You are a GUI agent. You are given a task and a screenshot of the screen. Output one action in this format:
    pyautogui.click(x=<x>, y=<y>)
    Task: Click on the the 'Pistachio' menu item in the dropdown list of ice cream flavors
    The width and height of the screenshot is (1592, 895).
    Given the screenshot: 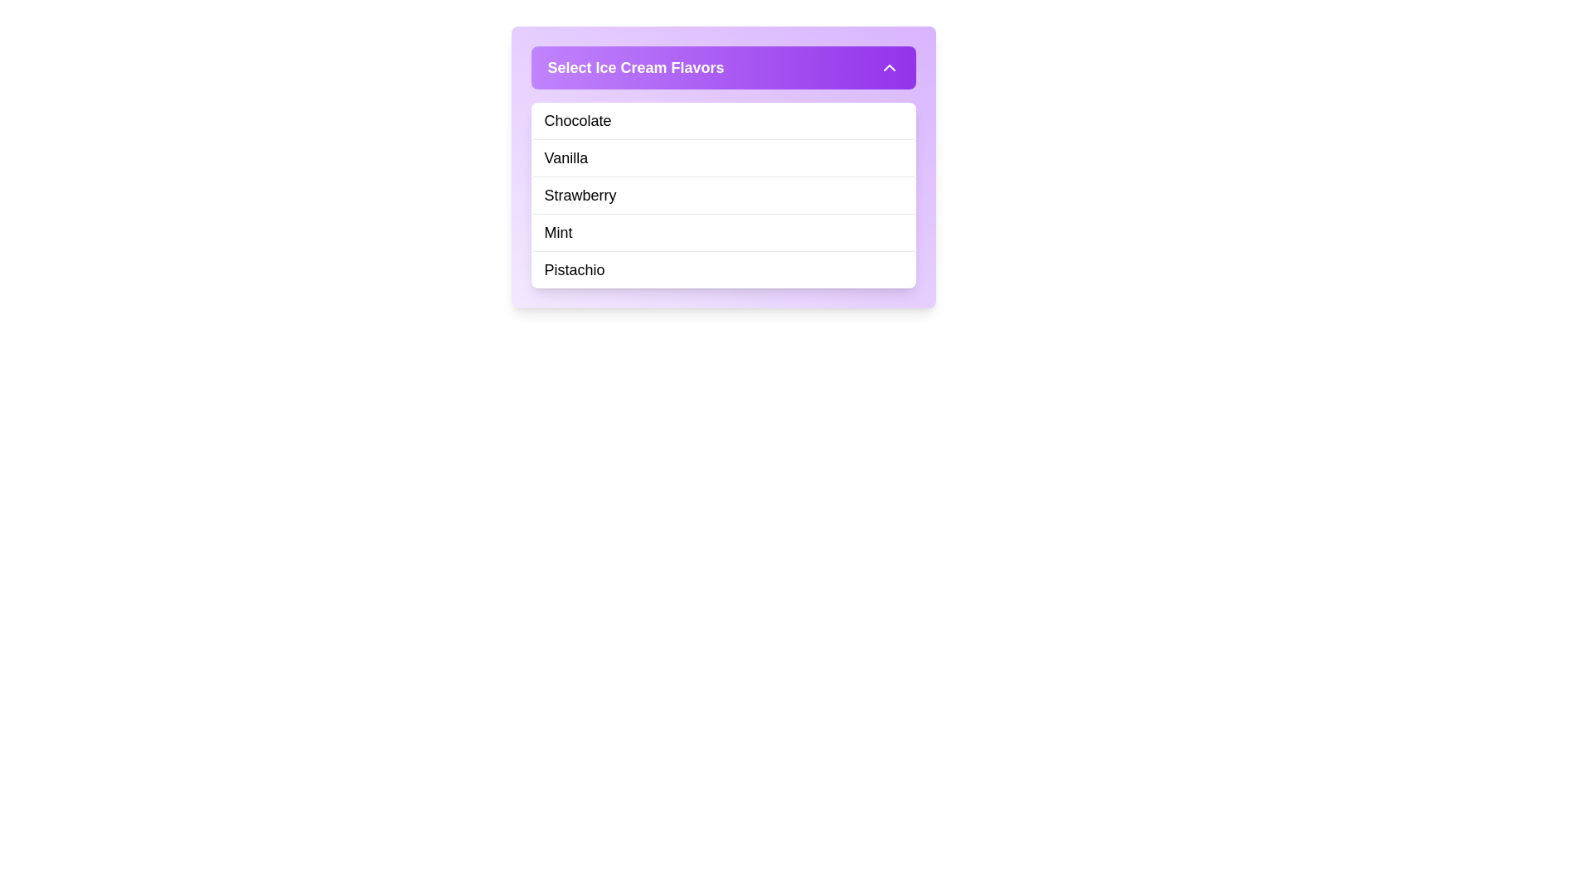 What is the action you would take?
    pyautogui.click(x=723, y=268)
    